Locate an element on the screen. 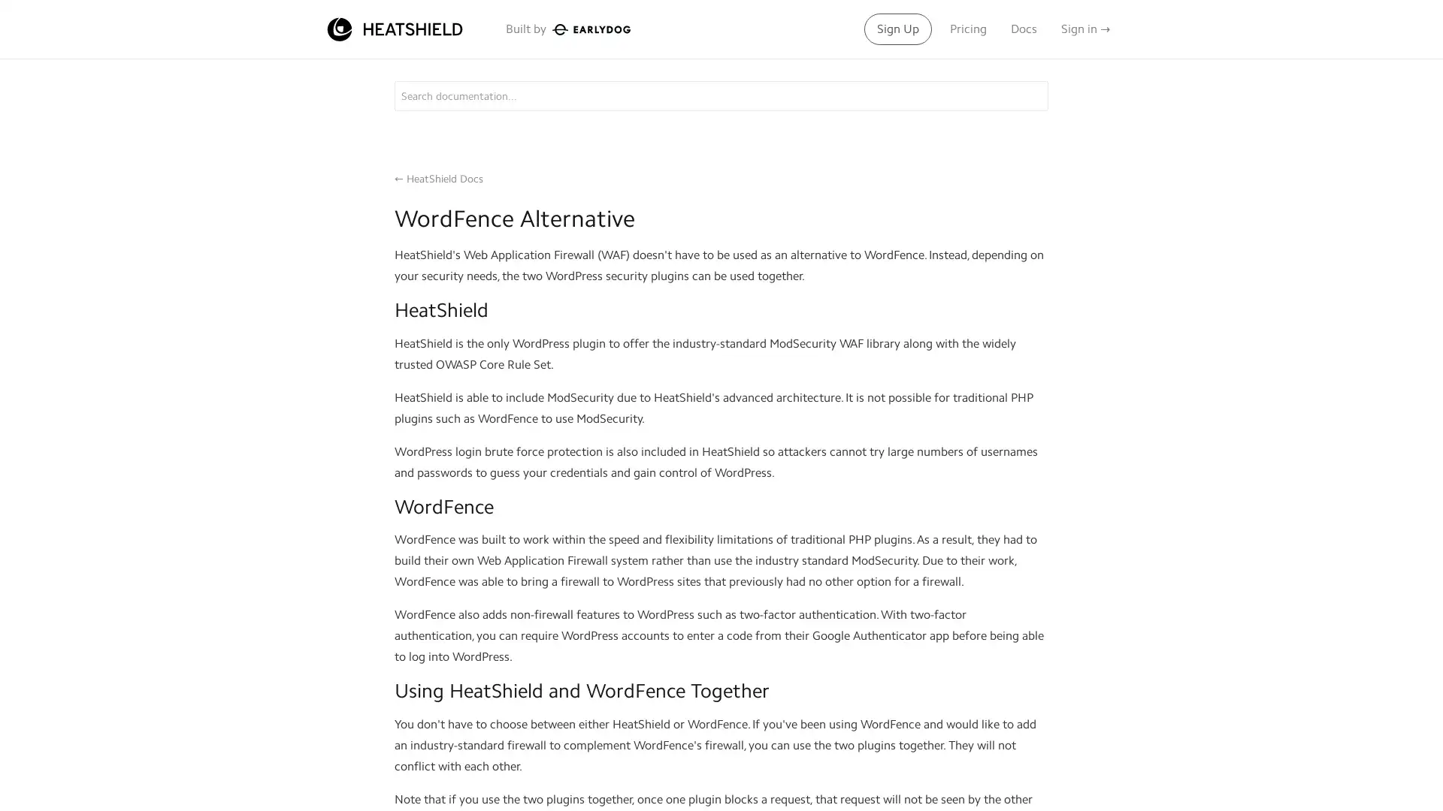 The height and width of the screenshot is (811, 1443). Pricing is located at coordinates (968, 29).